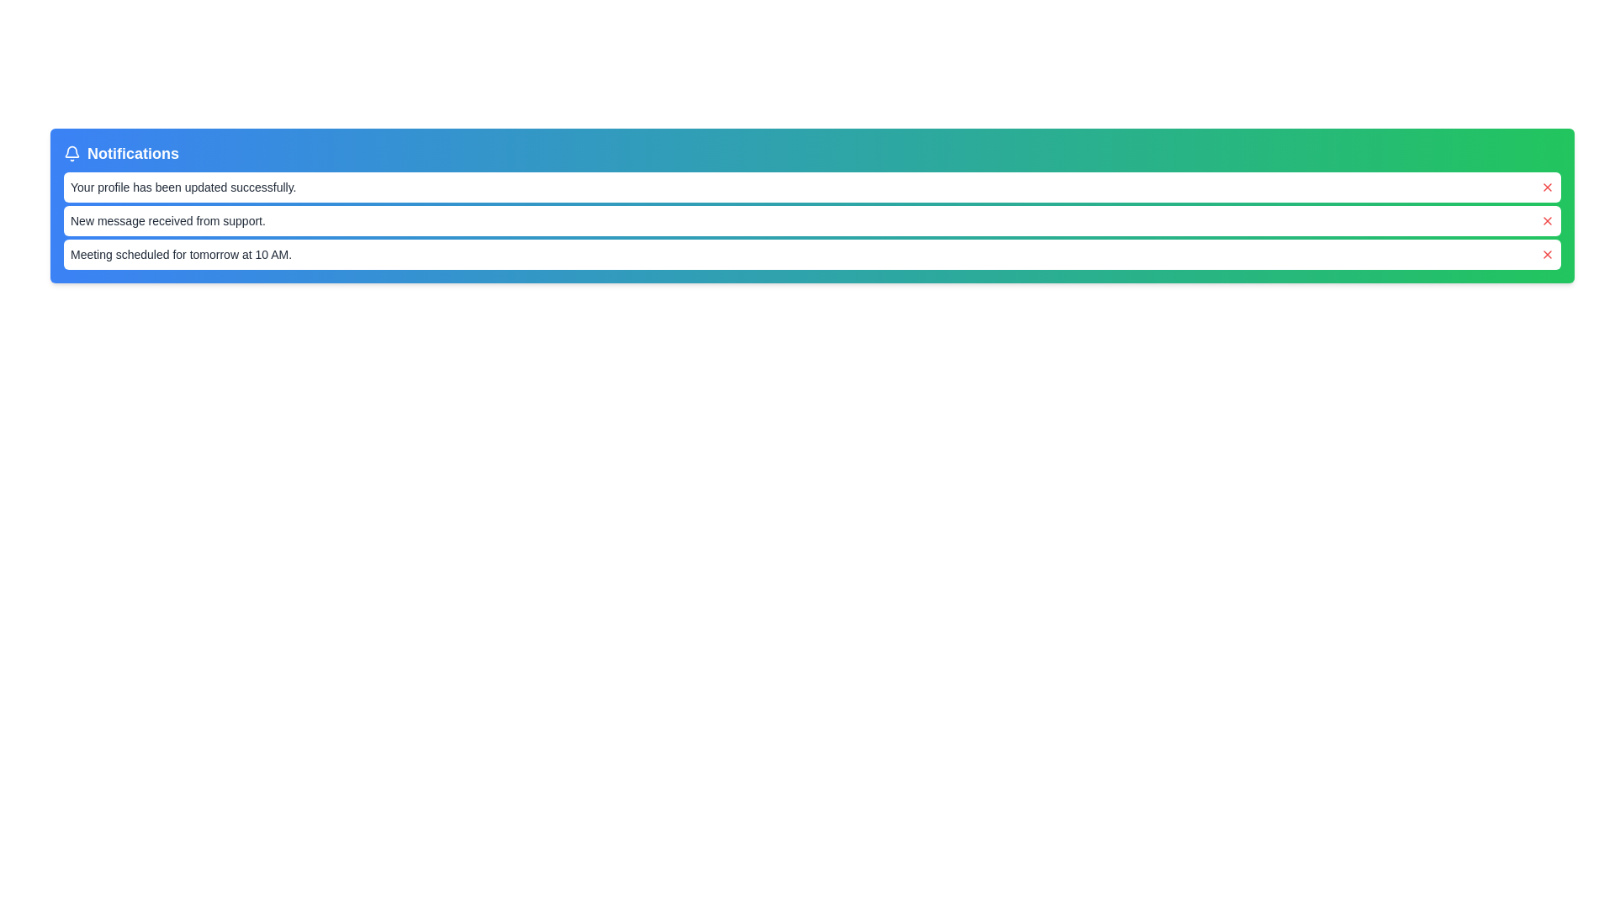  What do you see at coordinates (1547, 255) in the screenshot?
I see `the red 'X' icon button on the far right of the notification strip` at bounding box center [1547, 255].